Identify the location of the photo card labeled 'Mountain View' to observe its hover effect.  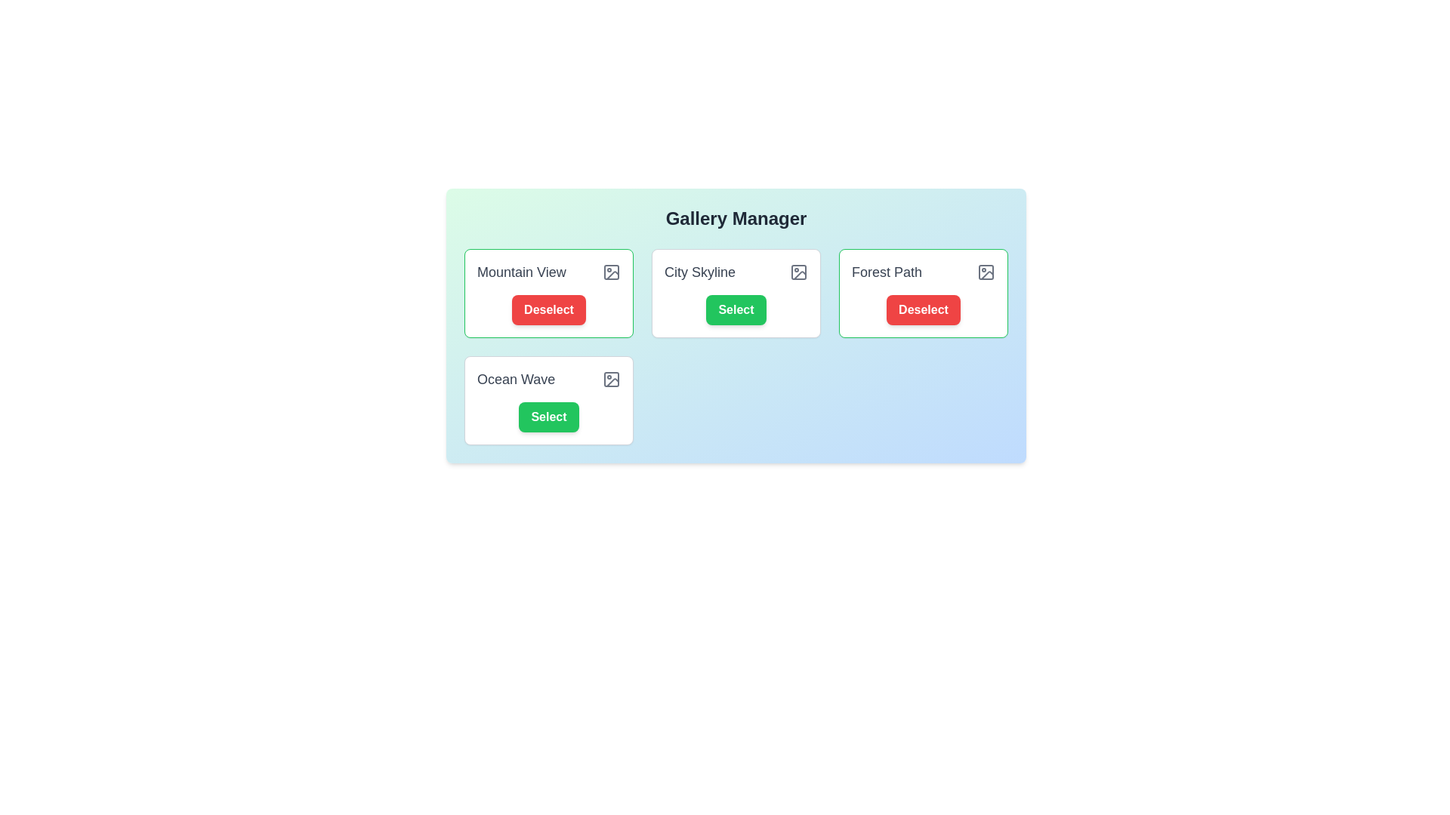
(548, 294).